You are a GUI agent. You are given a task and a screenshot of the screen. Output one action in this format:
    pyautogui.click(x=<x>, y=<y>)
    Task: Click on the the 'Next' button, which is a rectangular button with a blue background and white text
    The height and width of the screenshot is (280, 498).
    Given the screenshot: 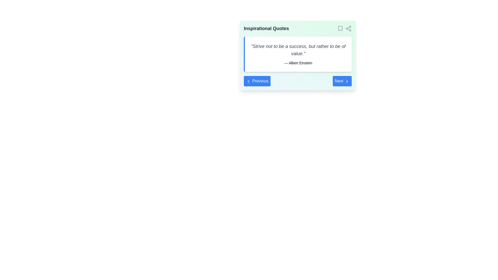 What is the action you would take?
    pyautogui.click(x=342, y=81)
    